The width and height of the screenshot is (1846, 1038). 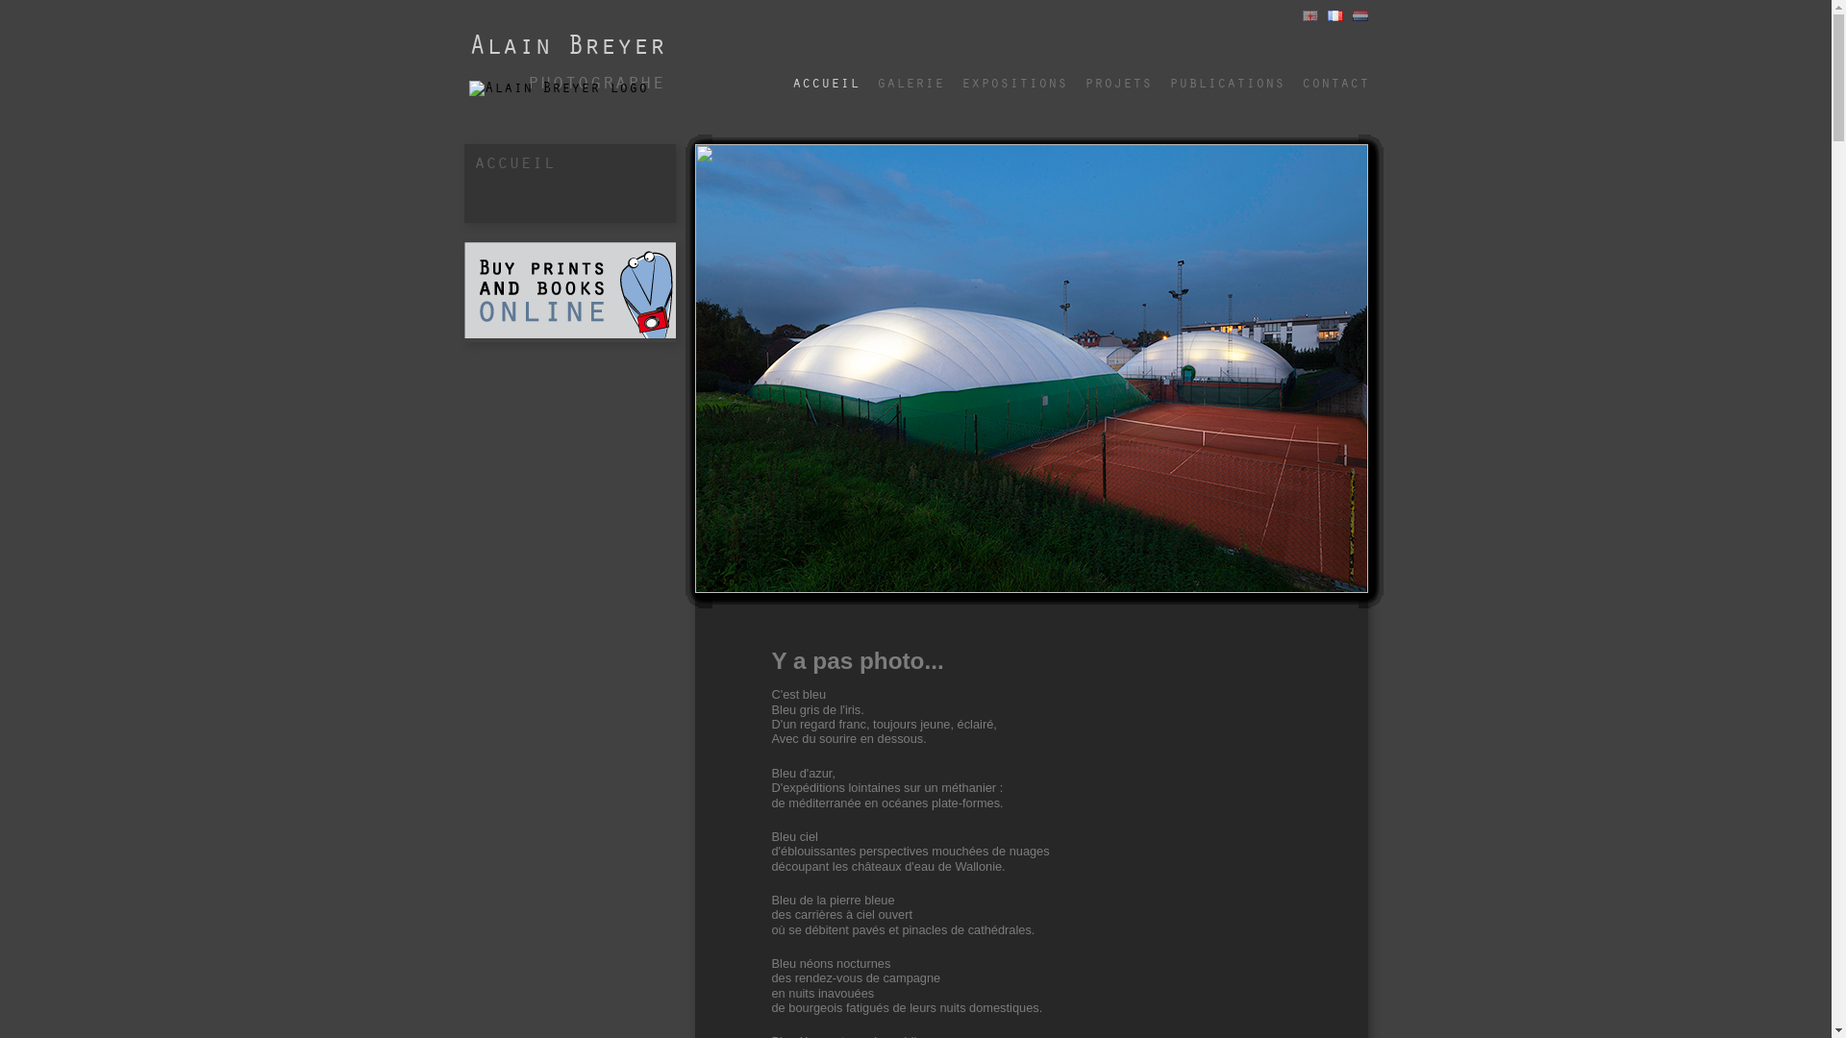 What do you see at coordinates (1029, 368) in the screenshot?
I see `'BD_photo_1.jpg'` at bounding box center [1029, 368].